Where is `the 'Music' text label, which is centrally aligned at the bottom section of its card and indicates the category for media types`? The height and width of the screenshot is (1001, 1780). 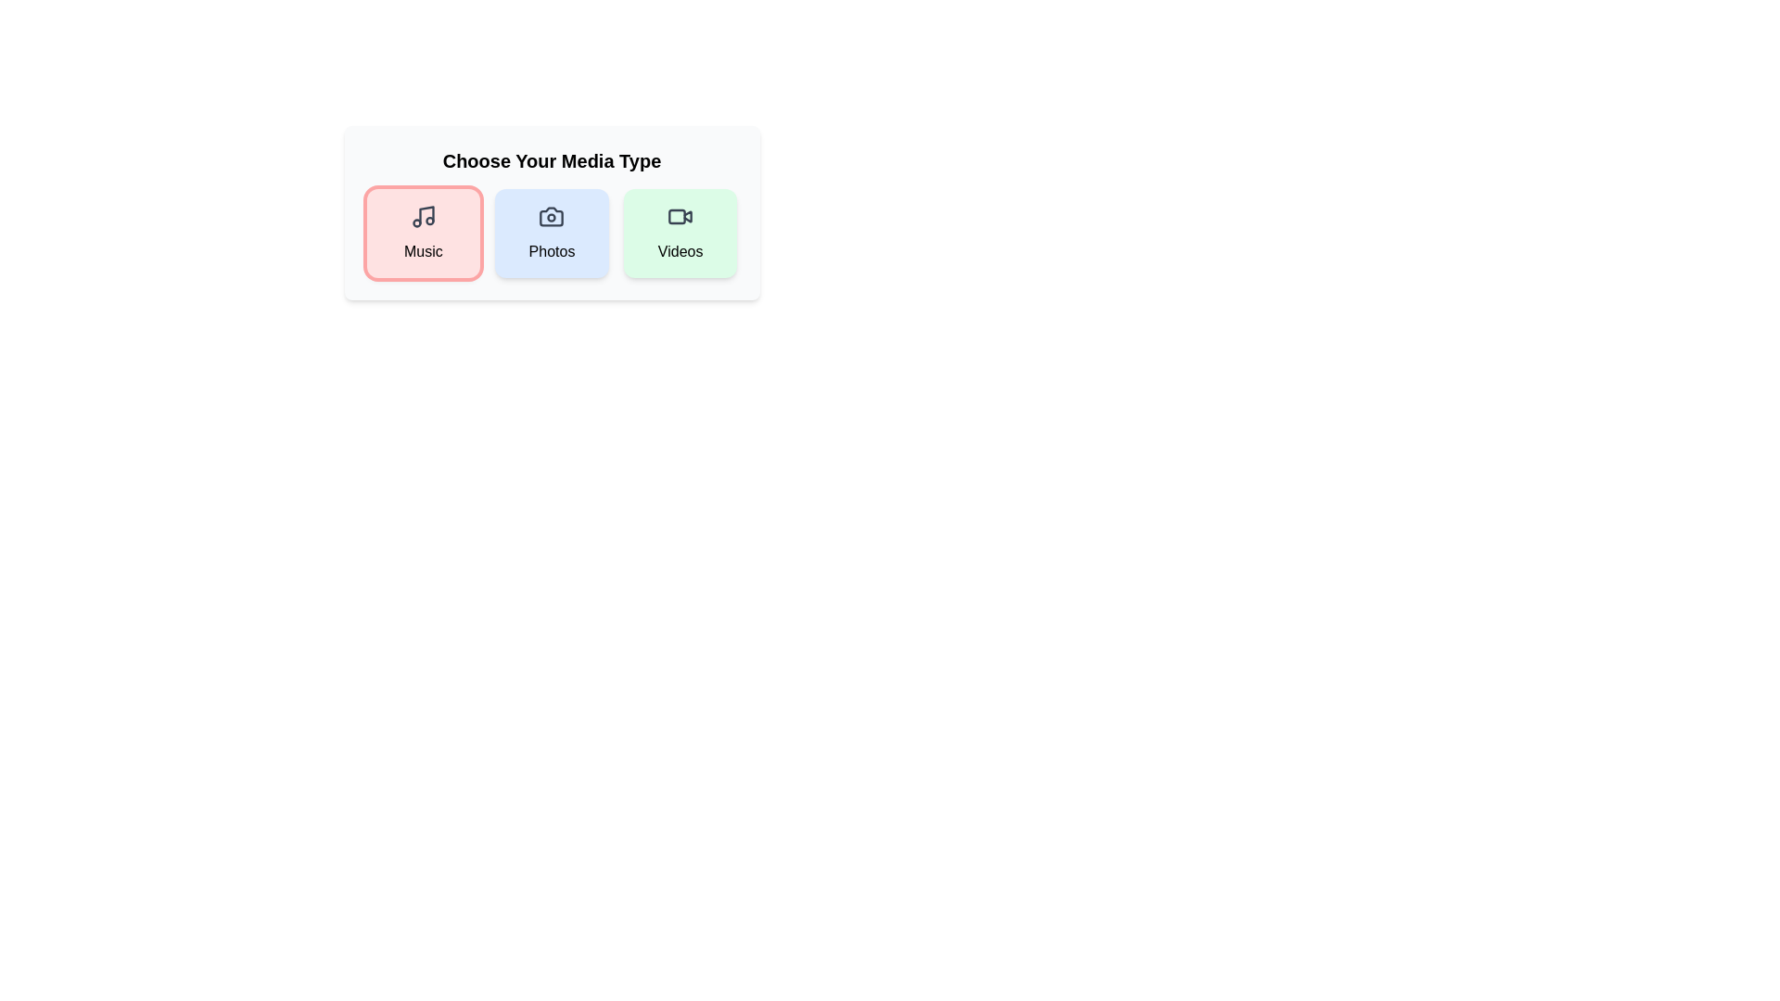
the 'Music' text label, which is centrally aligned at the bottom section of its card and indicates the category for media types is located at coordinates (422, 252).